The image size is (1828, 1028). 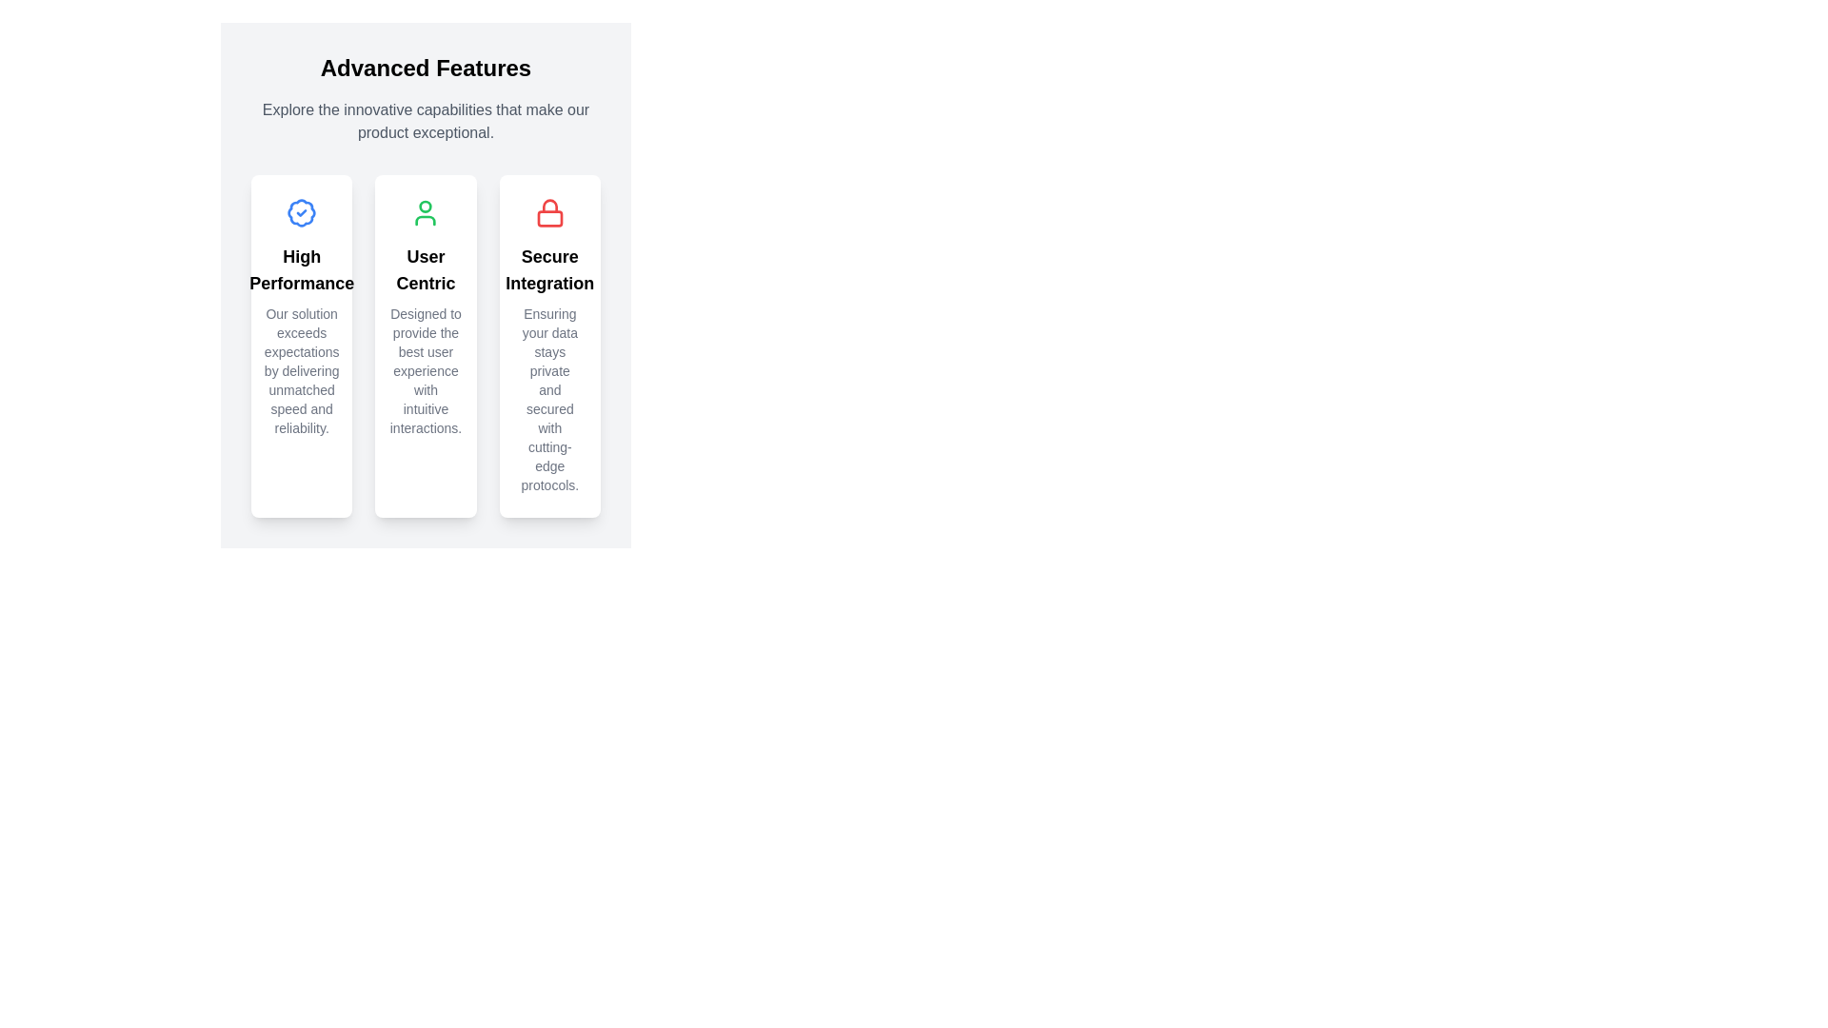 What do you see at coordinates (548, 212) in the screenshot?
I see `the lock icon located at the center of the top area of the third card labeled 'Secure Integration'` at bounding box center [548, 212].